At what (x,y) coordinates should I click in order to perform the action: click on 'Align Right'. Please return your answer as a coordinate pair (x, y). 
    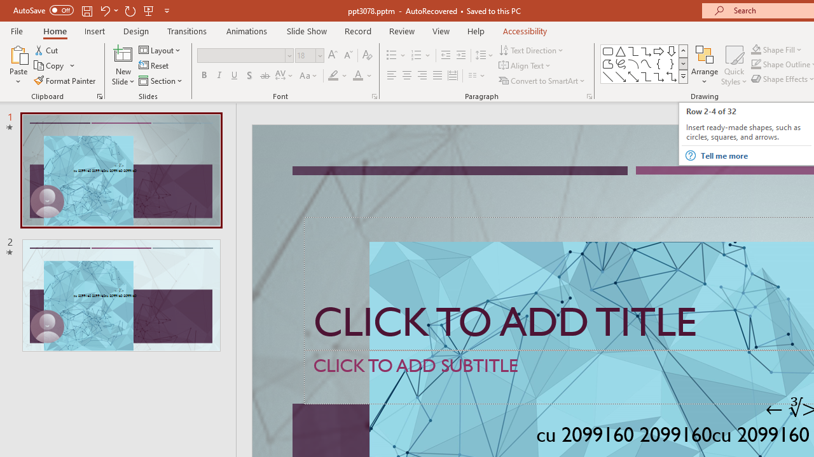
    Looking at the image, I should click on (422, 76).